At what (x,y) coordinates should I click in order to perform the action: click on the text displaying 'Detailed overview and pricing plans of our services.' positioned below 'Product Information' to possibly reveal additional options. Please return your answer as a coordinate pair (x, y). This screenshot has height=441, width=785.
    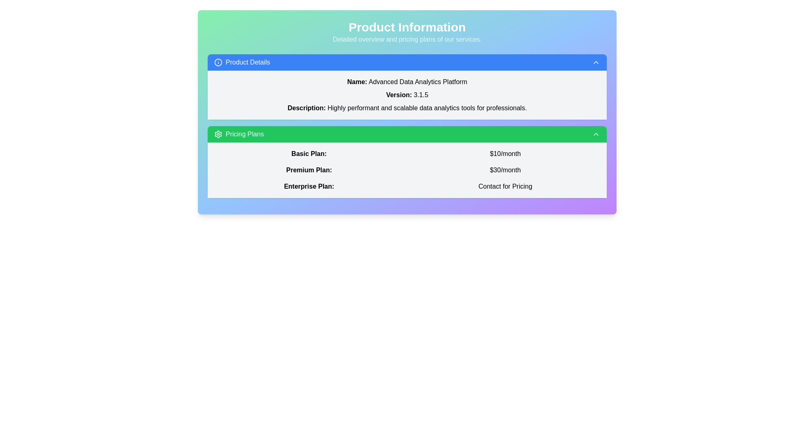
    Looking at the image, I should click on (407, 39).